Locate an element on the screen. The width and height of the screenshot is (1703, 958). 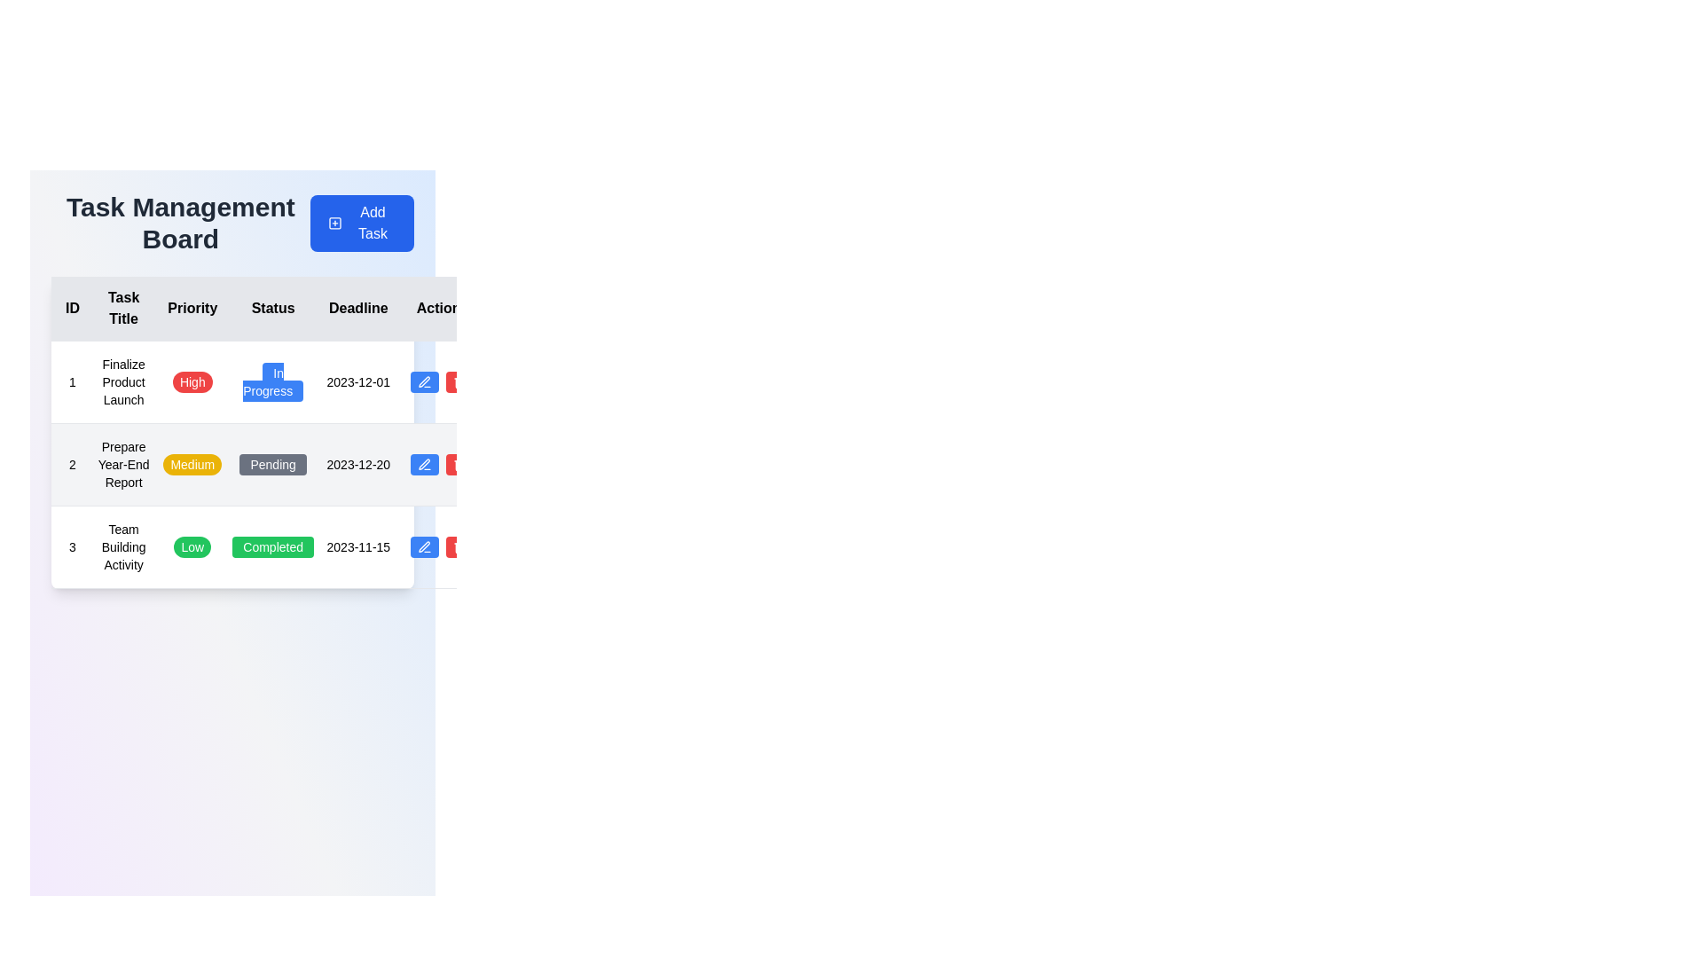
the third row of the task management table containing action buttons for navigation purposes is located at coordinates (266, 546).